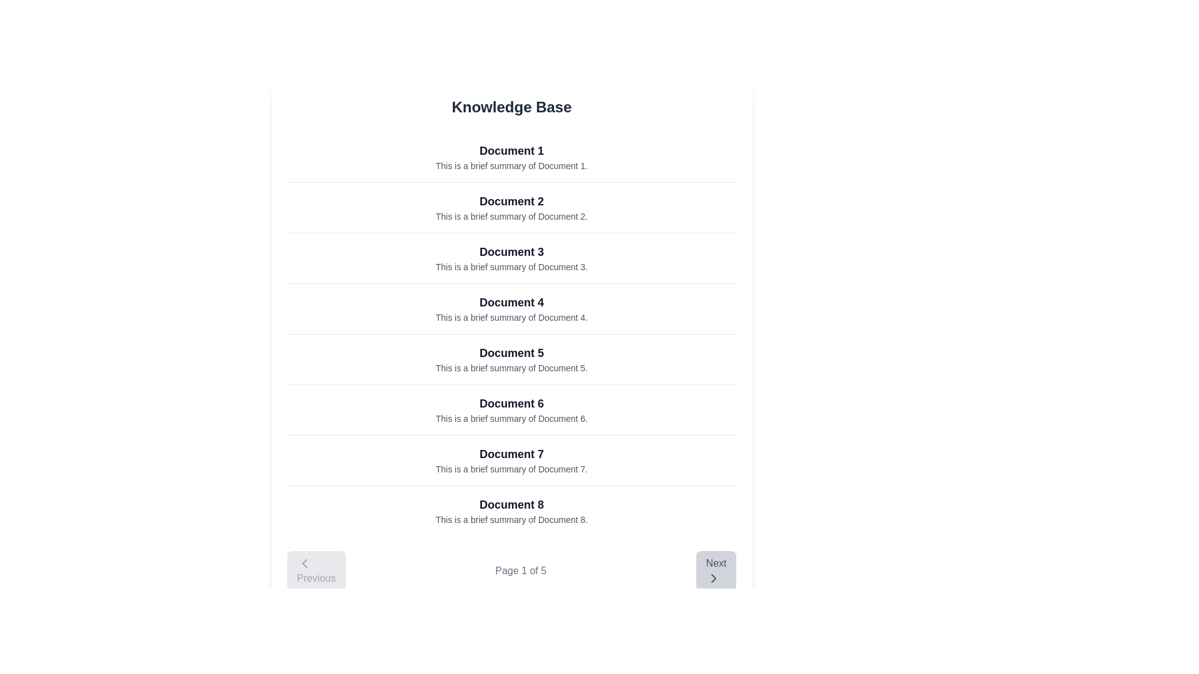 The image size is (1199, 674). I want to click on the first list item in the Knowledge Base section, so click(511, 156).